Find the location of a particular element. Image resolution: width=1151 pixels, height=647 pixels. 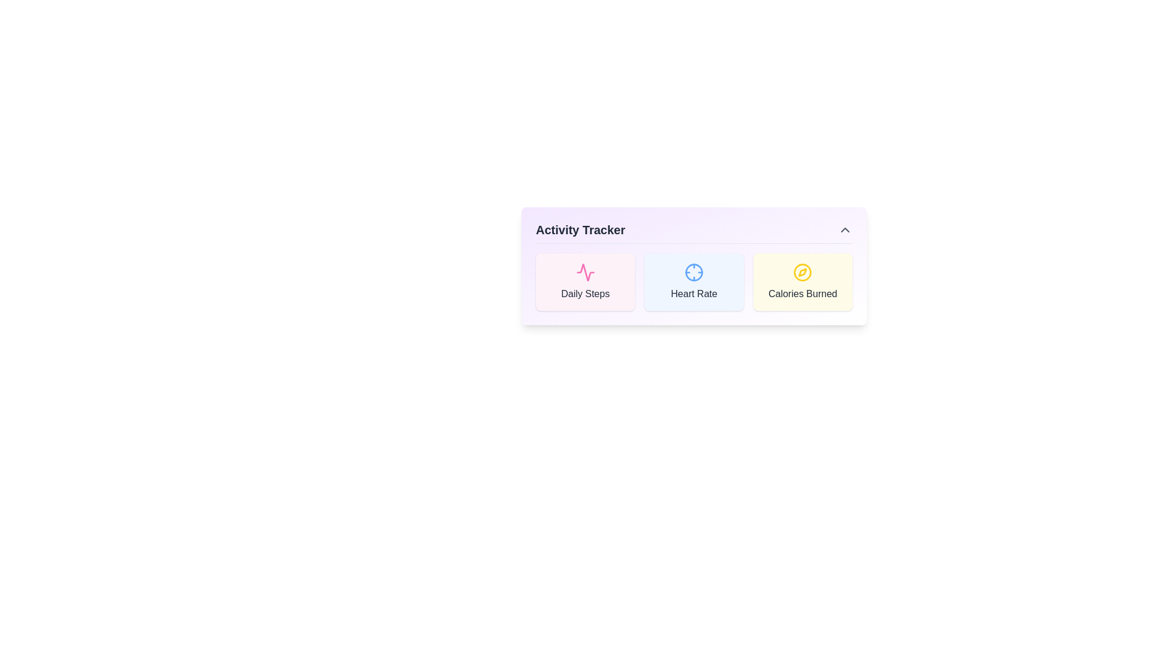

the heart rate tracking card, which is the second card in the 'Activity Tracker' group is located at coordinates (693, 282).